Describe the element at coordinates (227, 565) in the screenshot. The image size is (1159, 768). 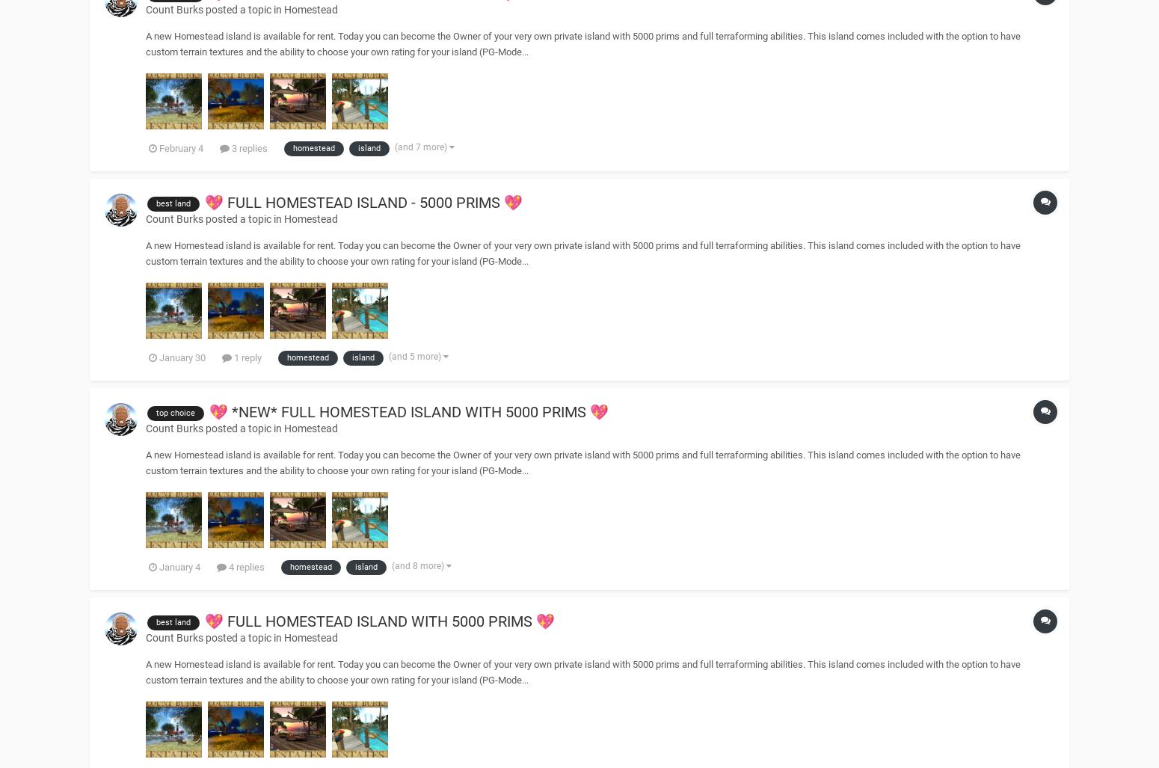
I see `'4 replies'` at that location.